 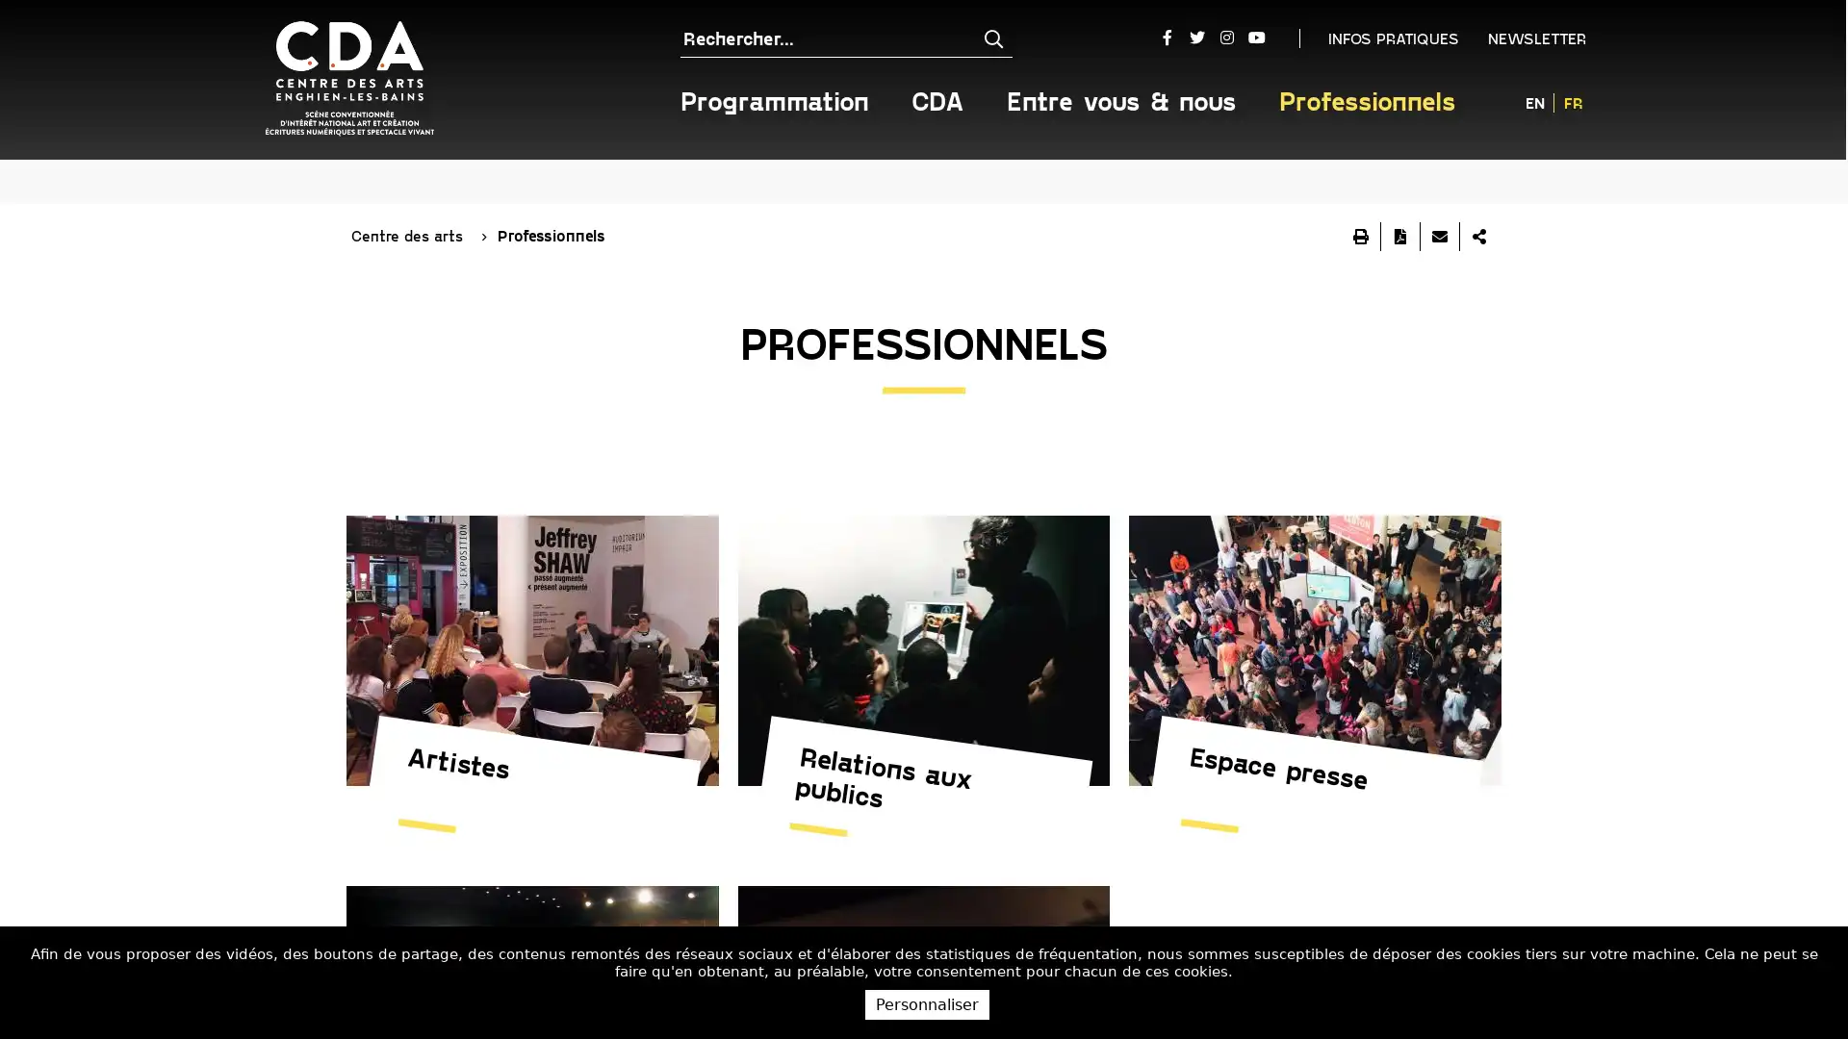 I want to click on Partager cette page, so click(x=1477, y=189).